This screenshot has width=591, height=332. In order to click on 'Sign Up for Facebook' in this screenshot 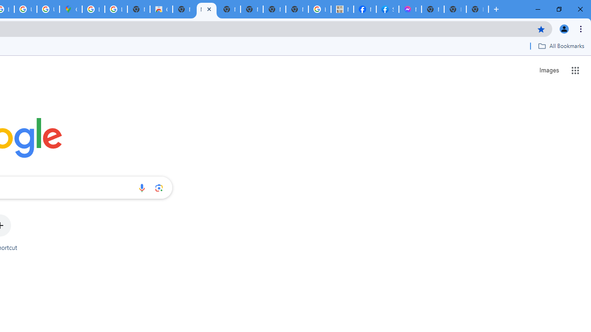, I will do `click(387, 9)`.